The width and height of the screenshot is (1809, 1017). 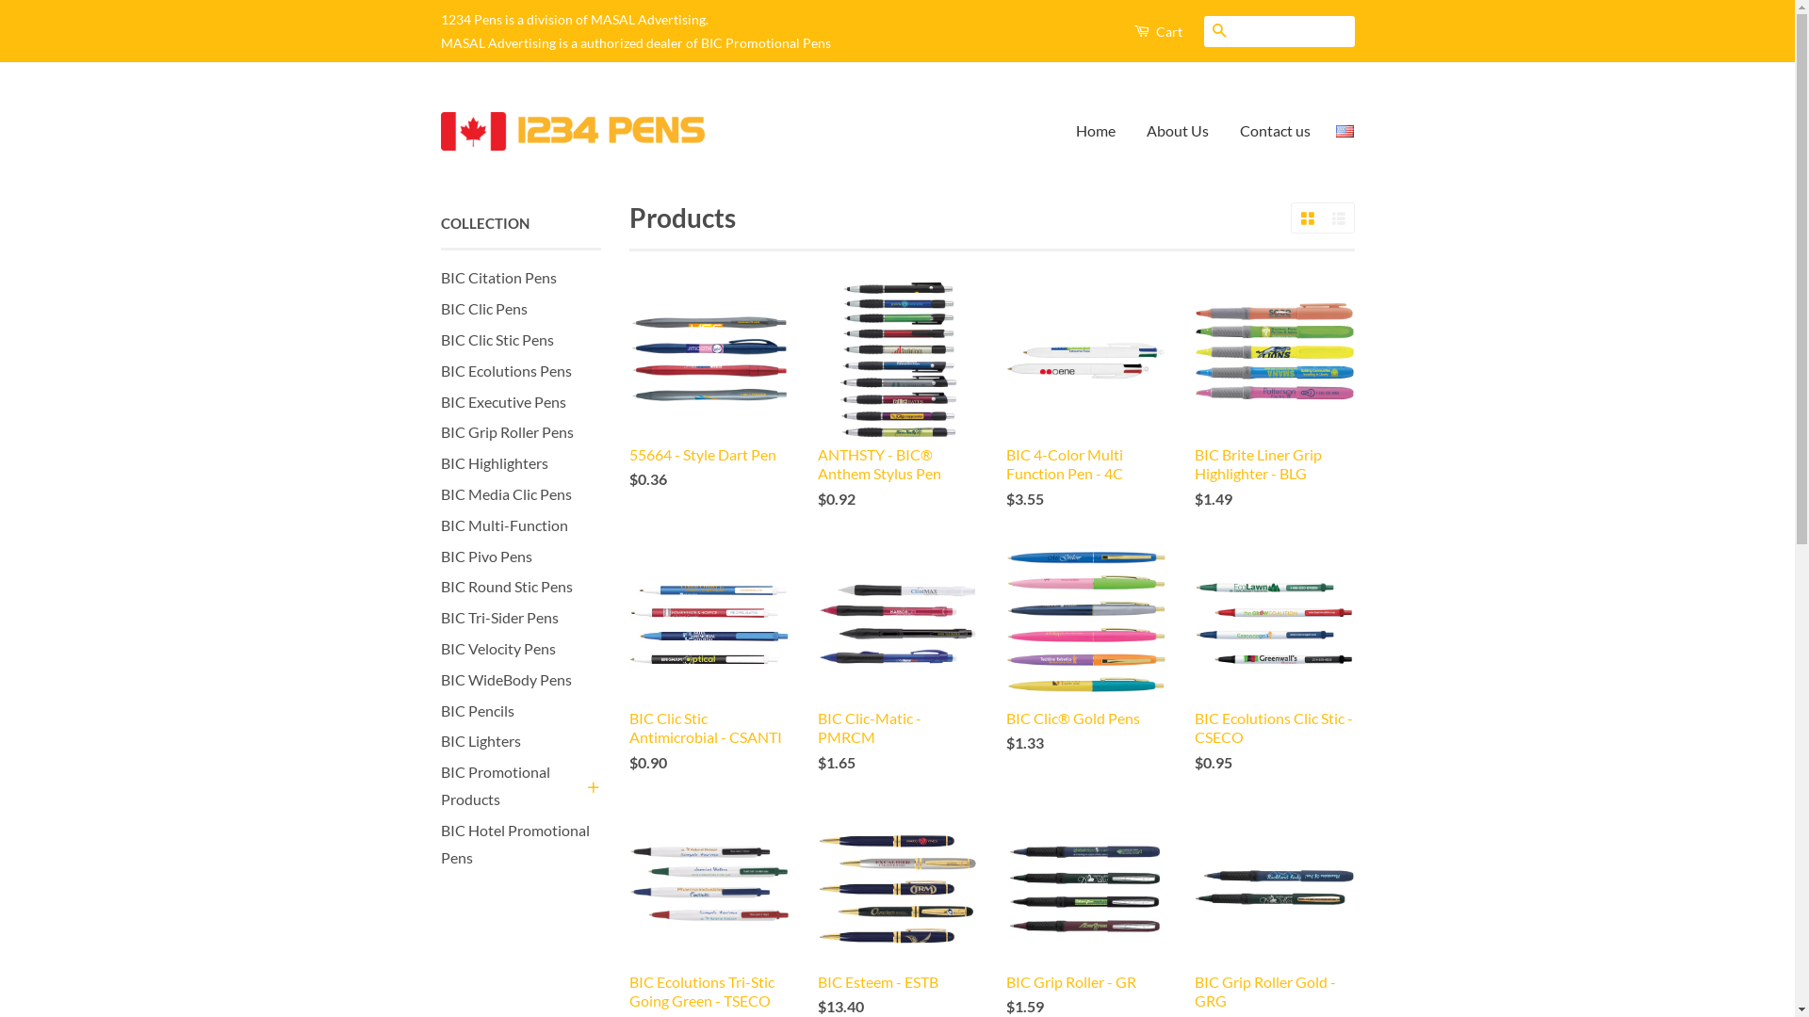 What do you see at coordinates (709, 400) in the screenshot?
I see `'55664 - Style Dart Pen` at bounding box center [709, 400].